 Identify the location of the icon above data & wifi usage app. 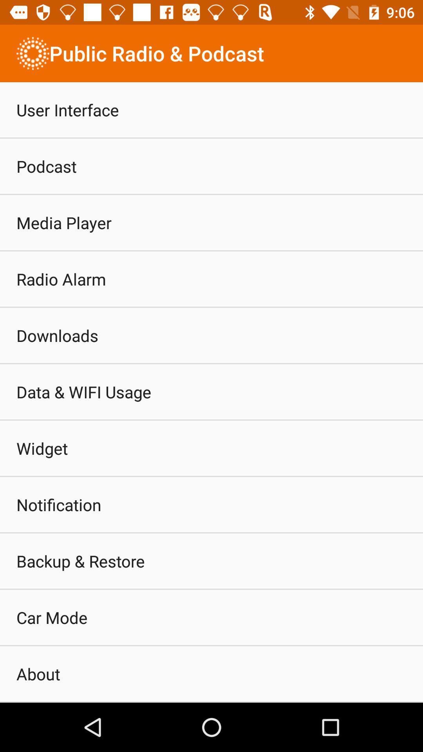
(57, 335).